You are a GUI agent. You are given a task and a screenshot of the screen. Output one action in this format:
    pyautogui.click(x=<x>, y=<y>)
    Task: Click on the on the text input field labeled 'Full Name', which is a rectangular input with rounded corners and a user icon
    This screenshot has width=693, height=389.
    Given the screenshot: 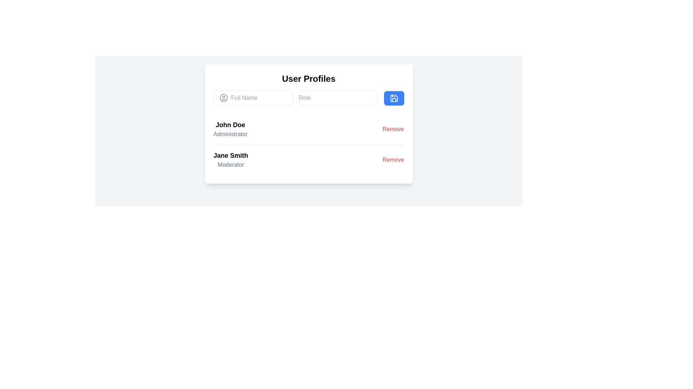 What is the action you would take?
    pyautogui.click(x=253, y=98)
    